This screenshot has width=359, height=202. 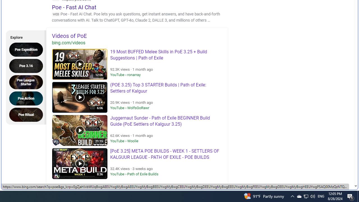 I want to click on 'Poe League Starter', so click(x=27, y=82).